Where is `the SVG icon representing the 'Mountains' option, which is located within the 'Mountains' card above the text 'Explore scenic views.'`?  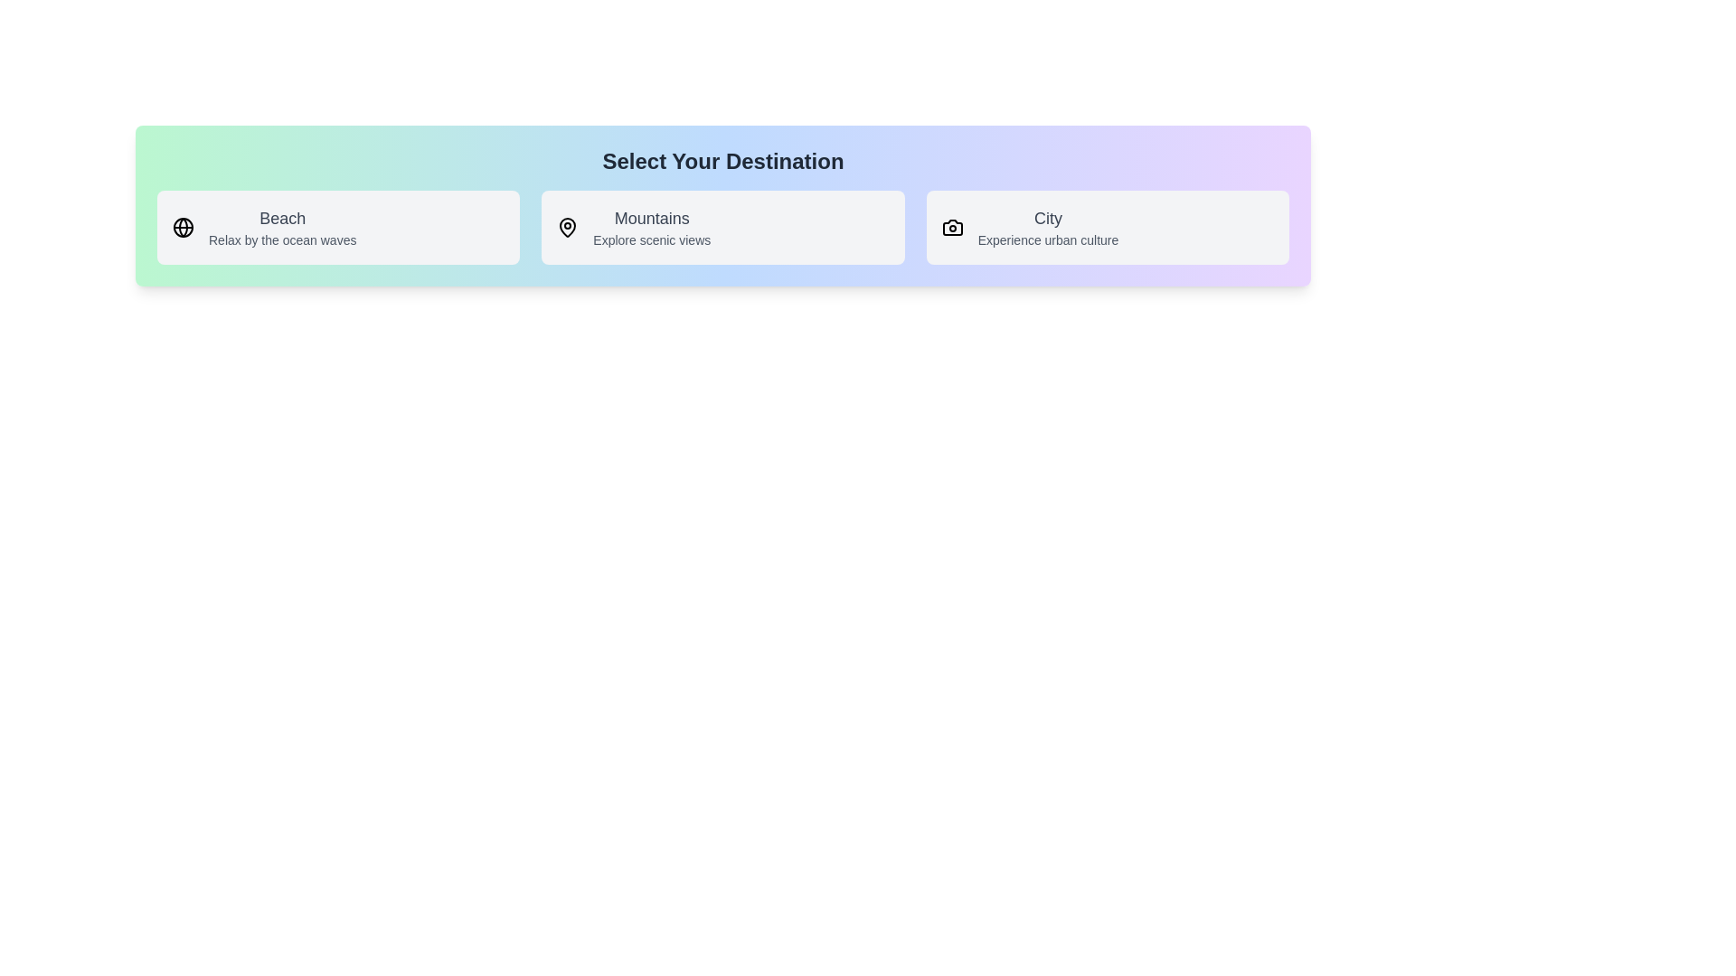 the SVG icon representing the 'Mountains' option, which is located within the 'Mountains' card above the text 'Explore scenic views.' is located at coordinates (567, 226).